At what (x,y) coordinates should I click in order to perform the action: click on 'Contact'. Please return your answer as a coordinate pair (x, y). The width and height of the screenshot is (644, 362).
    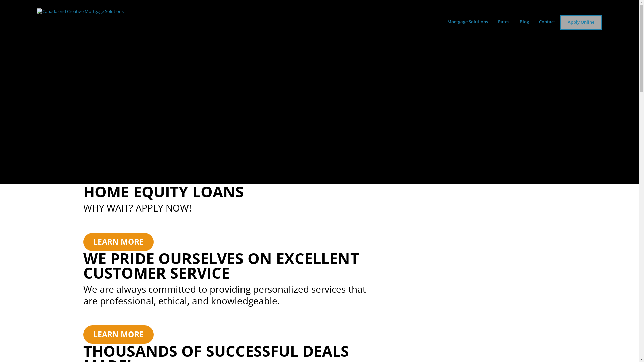
    Looking at the image, I should click on (534, 21).